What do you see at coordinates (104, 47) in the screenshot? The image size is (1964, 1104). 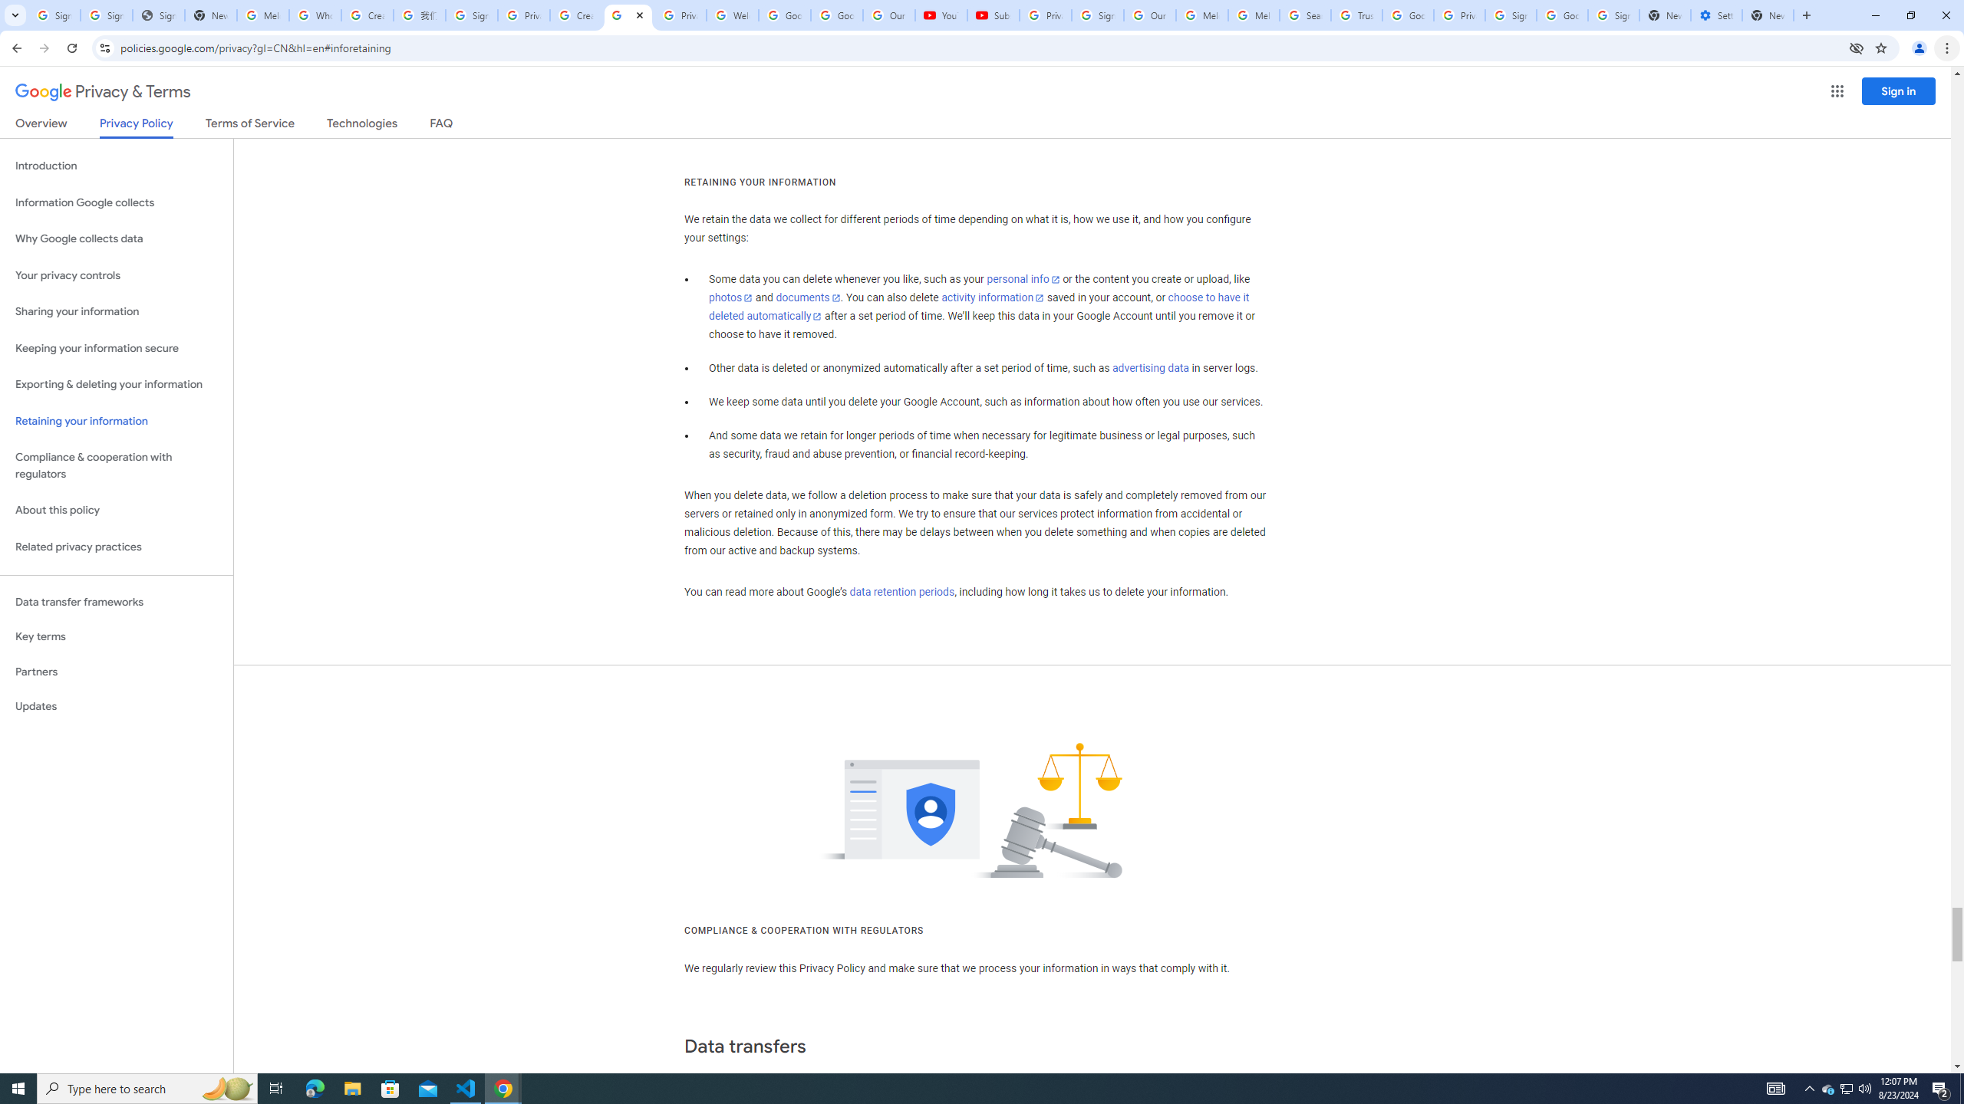 I see `'View site information'` at bounding box center [104, 47].